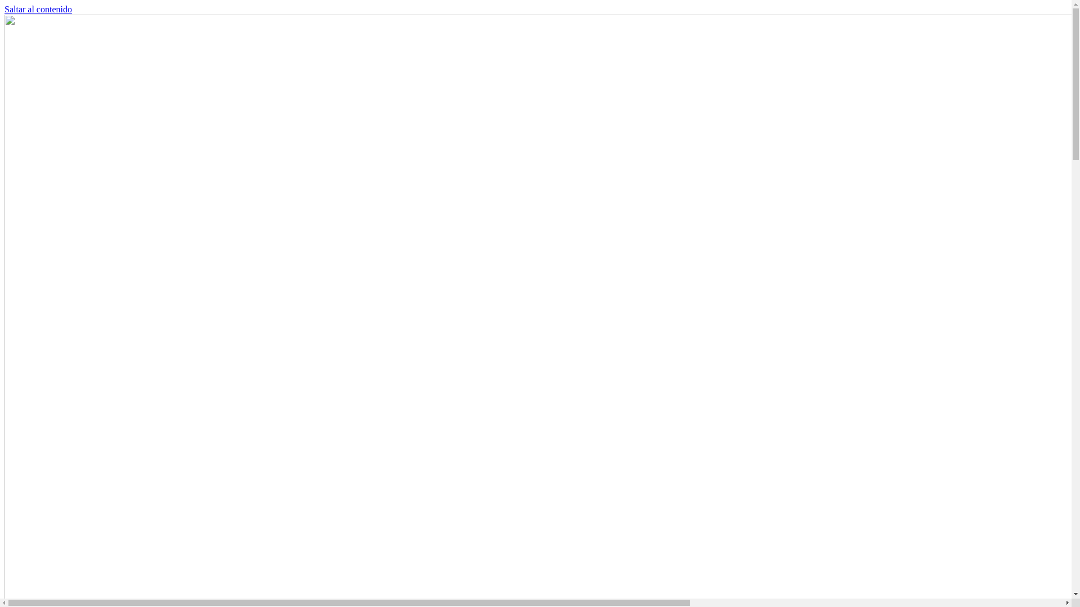  Describe the element at coordinates (4, 9) in the screenshot. I see `'Saltar al contenido'` at that location.